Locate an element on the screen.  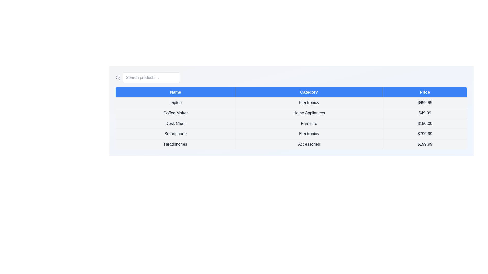
the text label displaying 'Desk Chair' in the second column of the table, which is the third row under the 'Name' header is located at coordinates (175, 123).